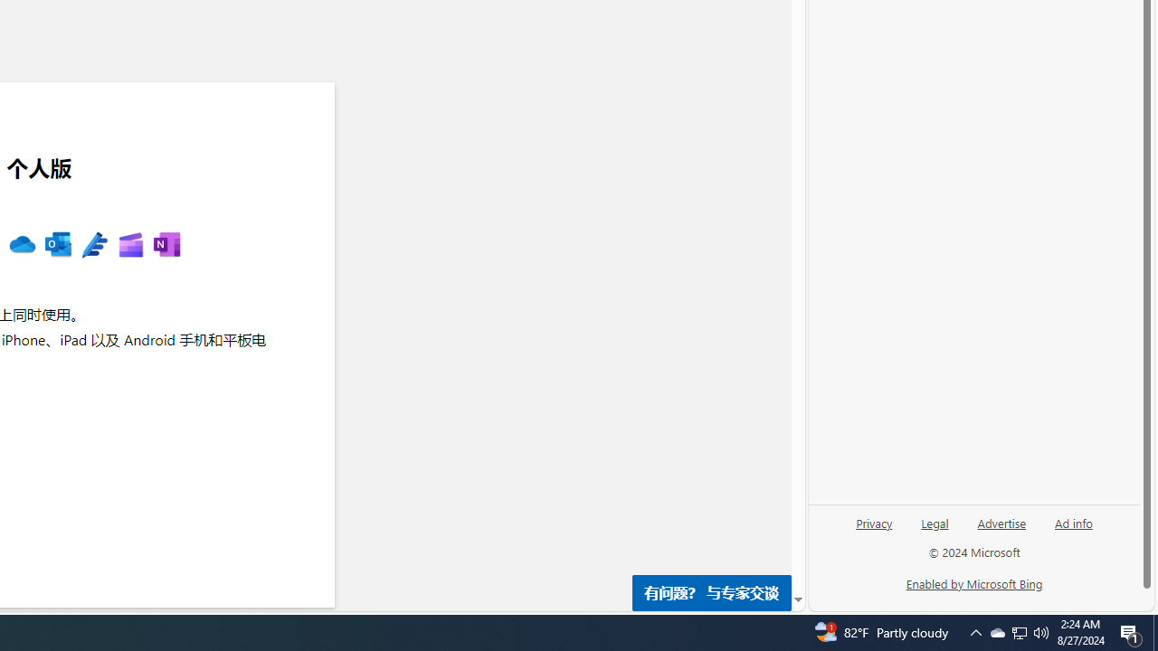  I want to click on 'MS Outlook ', so click(58, 245).